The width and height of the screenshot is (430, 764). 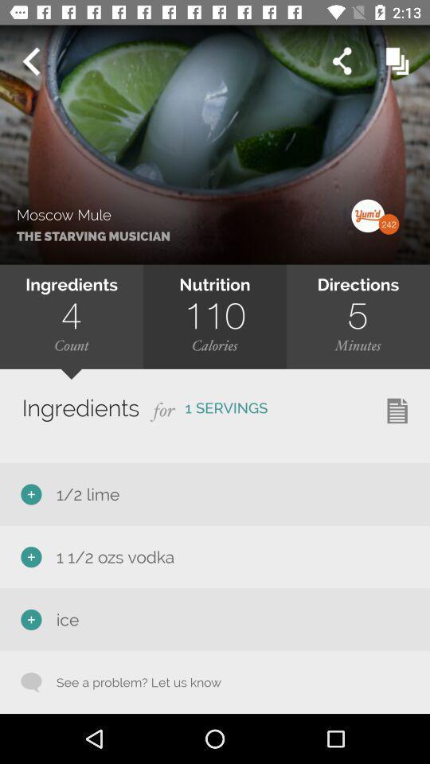 I want to click on item to the left of the see a problem, so click(x=31, y=681).